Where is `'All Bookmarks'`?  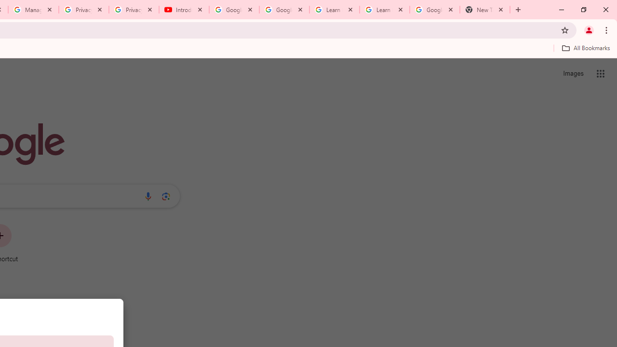 'All Bookmarks' is located at coordinates (585, 48).